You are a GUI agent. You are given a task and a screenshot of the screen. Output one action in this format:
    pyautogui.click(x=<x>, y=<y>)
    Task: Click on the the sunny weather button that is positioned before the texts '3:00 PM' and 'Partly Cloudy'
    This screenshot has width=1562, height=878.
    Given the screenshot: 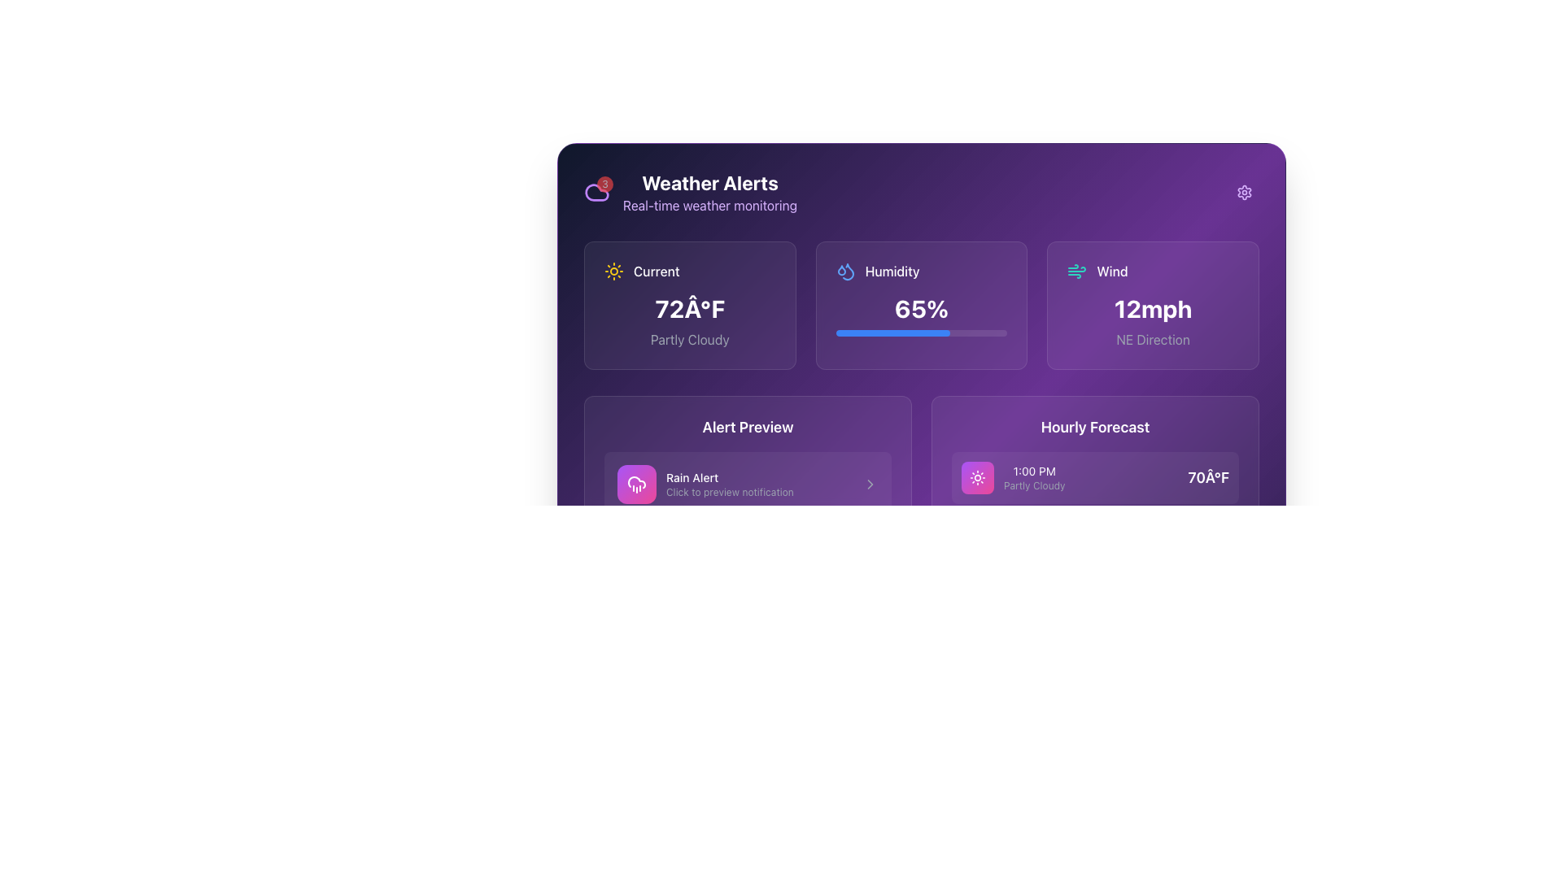 What is the action you would take?
    pyautogui.click(x=976, y=608)
    